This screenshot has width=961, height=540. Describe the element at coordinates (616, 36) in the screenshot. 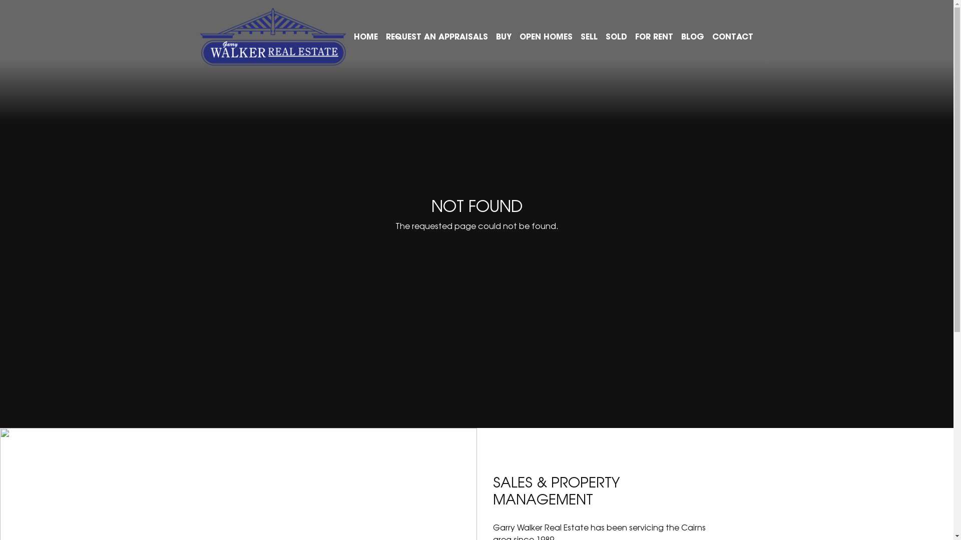

I see `'SOLD'` at that location.